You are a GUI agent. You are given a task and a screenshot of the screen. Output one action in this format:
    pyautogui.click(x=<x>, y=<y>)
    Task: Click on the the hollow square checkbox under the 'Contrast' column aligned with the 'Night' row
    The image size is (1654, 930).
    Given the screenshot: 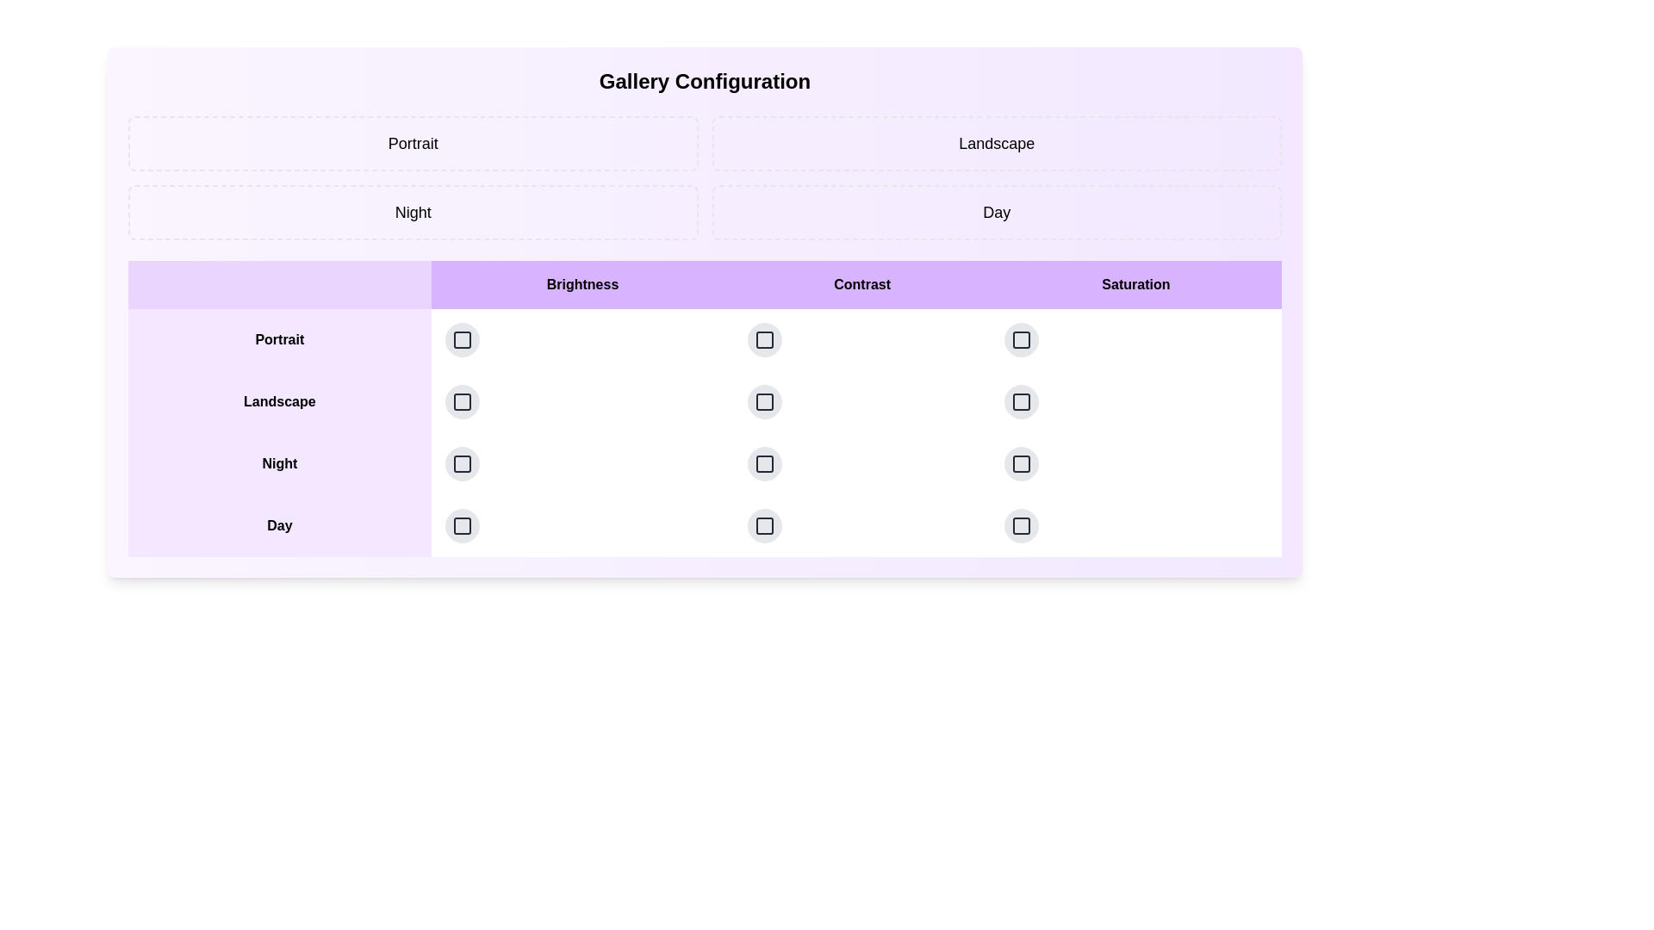 What is the action you would take?
    pyautogui.click(x=764, y=463)
    